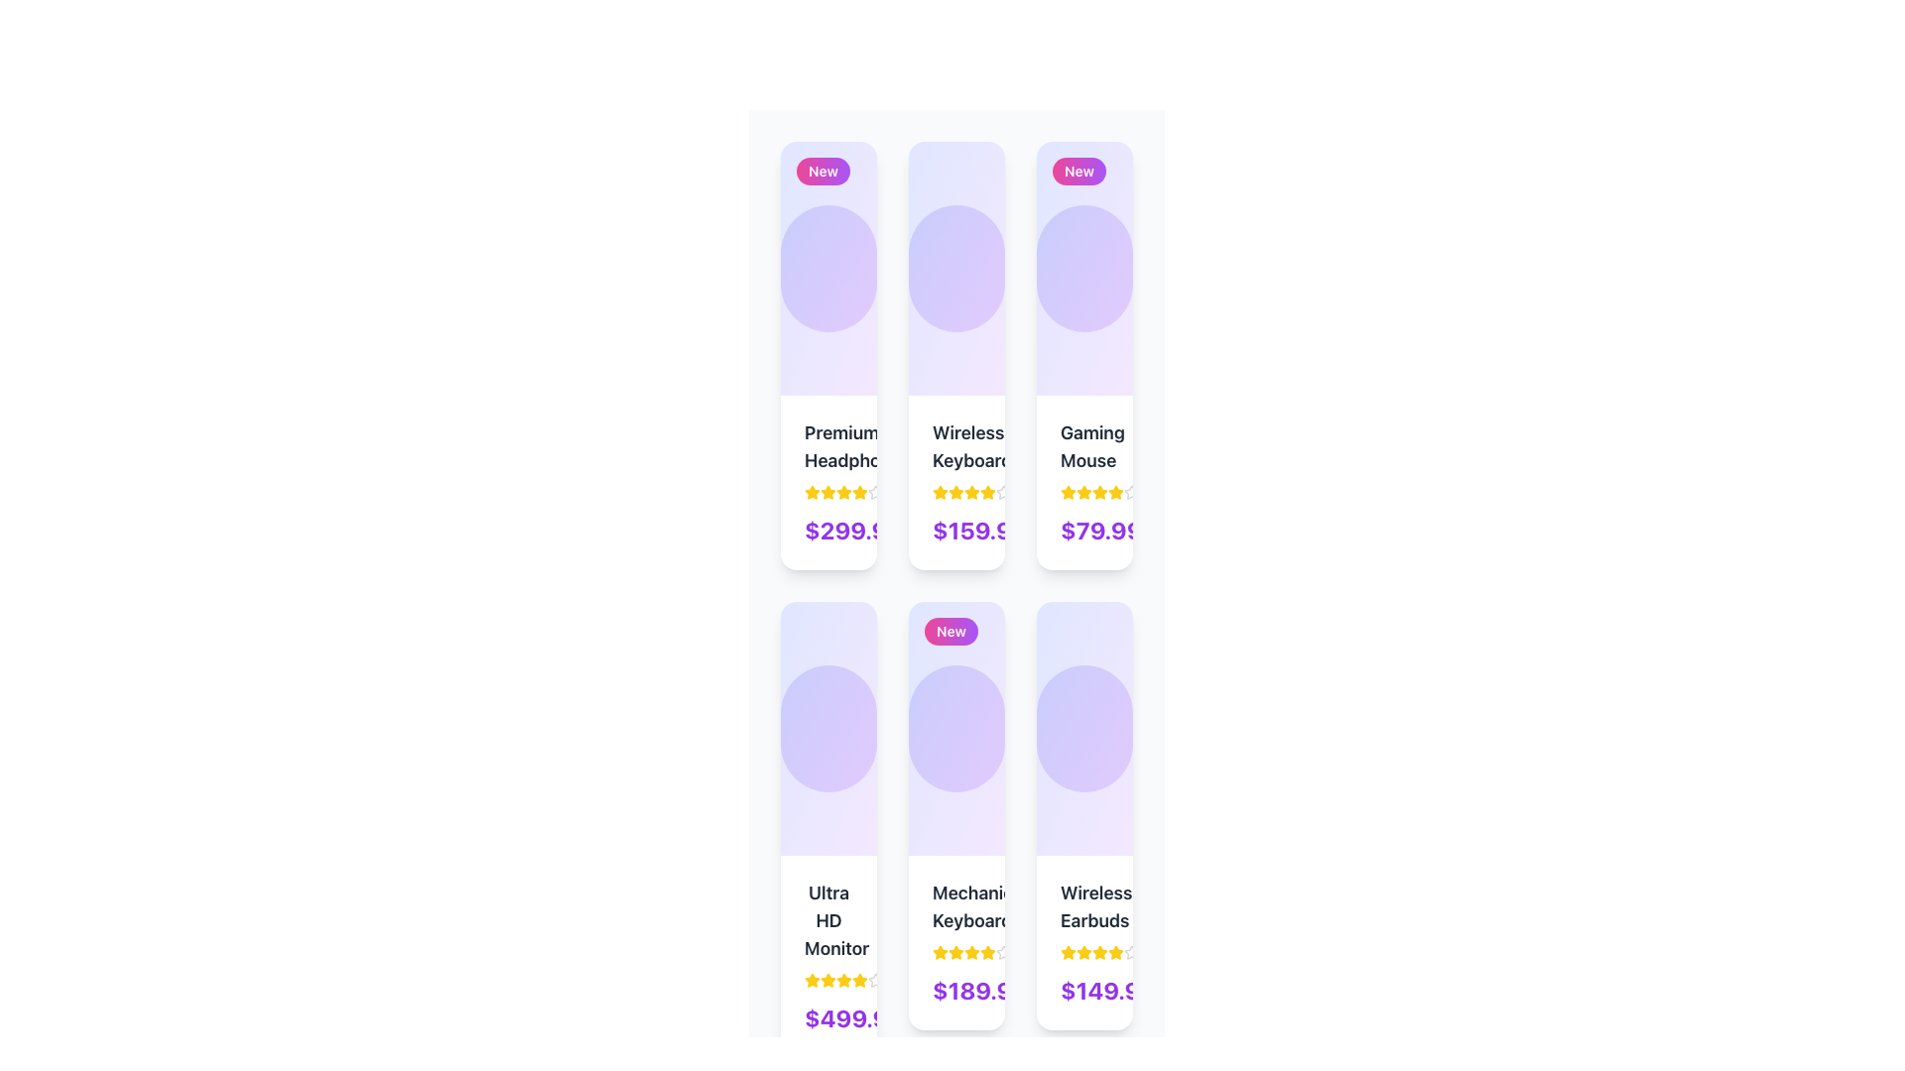  What do you see at coordinates (1083, 906) in the screenshot?
I see `the title text label located in the bottom-right corner of the interface, positioned above the star ratings and price information` at bounding box center [1083, 906].